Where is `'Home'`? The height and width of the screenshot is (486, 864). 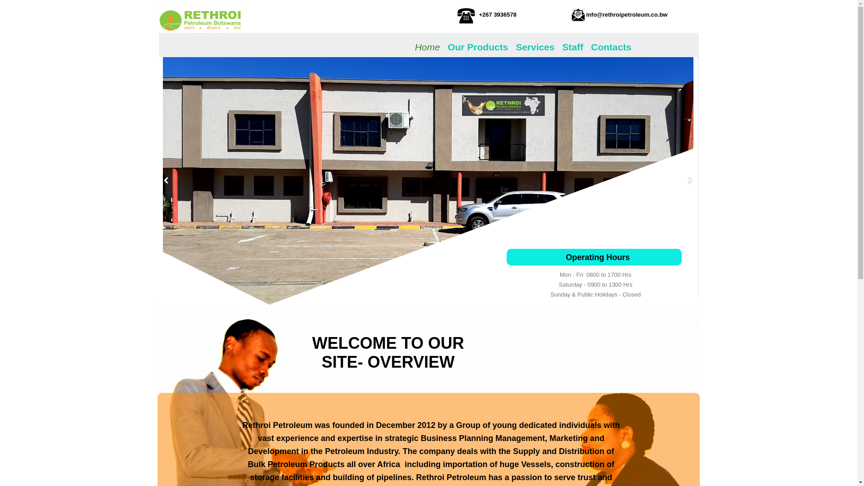 'Home' is located at coordinates (414, 45).